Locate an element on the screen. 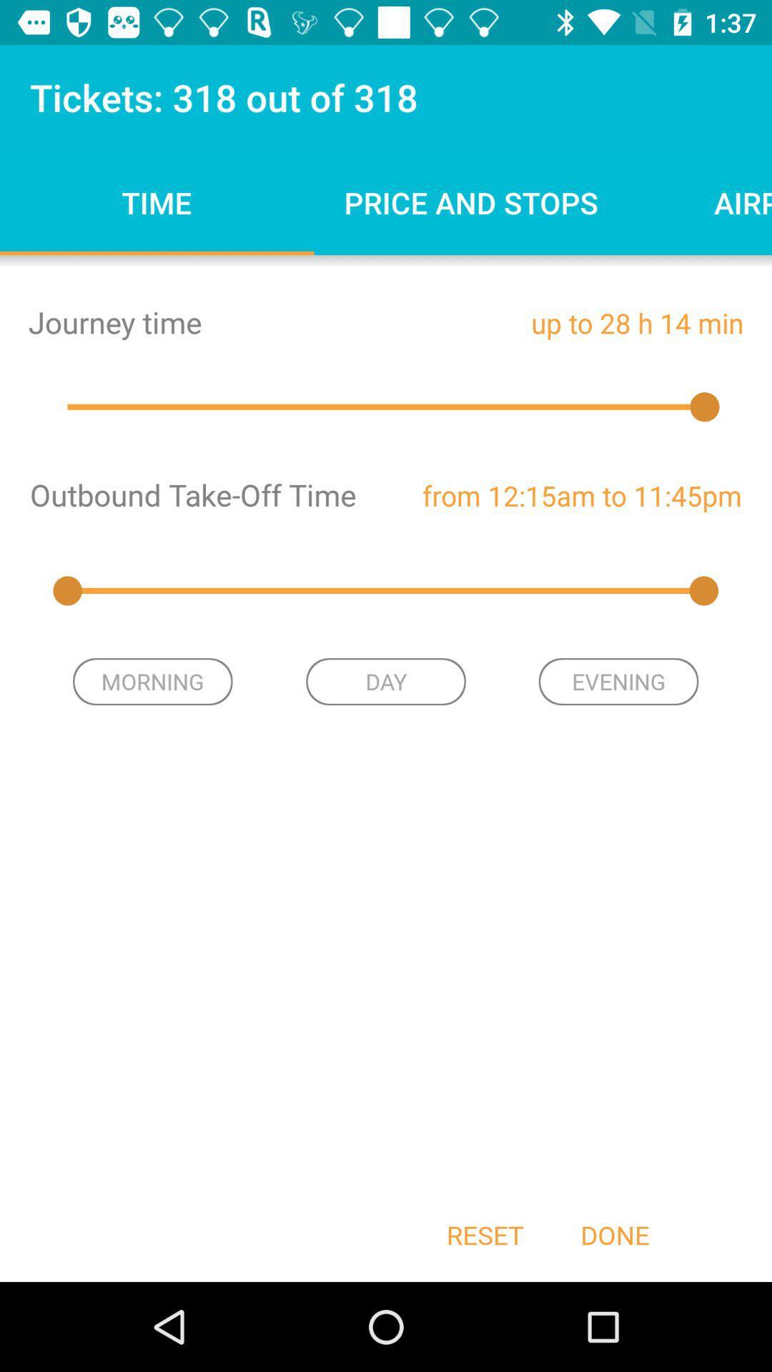 Image resolution: width=772 pixels, height=1372 pixels. the item next to the day is located at coordinates (152, 681).